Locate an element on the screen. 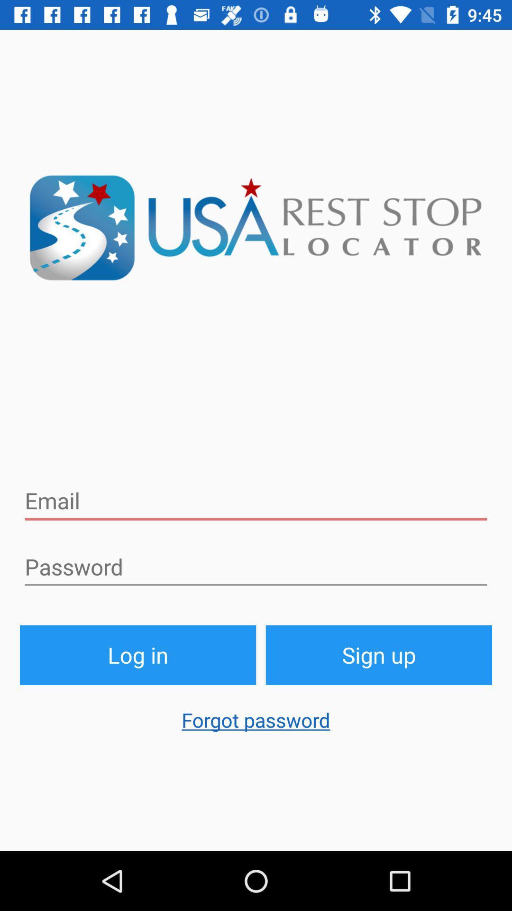  item to the left of the sign up is located at coordinates (137, 654).